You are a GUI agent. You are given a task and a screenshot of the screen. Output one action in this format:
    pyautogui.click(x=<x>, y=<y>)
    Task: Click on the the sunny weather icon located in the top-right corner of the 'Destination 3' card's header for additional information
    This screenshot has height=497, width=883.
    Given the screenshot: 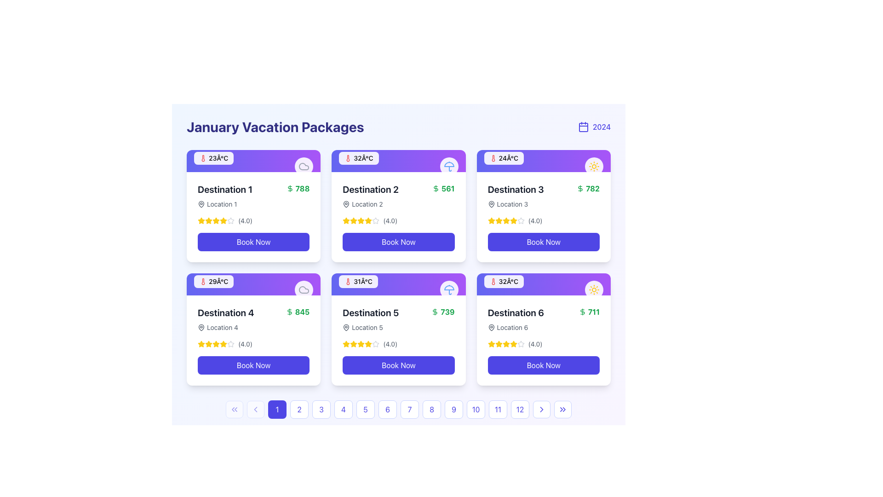 What is the action you would take?
    pyautogui.click(x=594, y=167)
    